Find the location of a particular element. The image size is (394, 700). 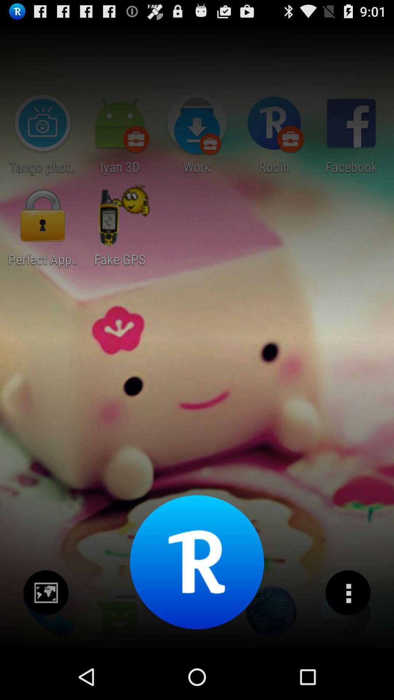

more details is located at coordinates (347, 593).